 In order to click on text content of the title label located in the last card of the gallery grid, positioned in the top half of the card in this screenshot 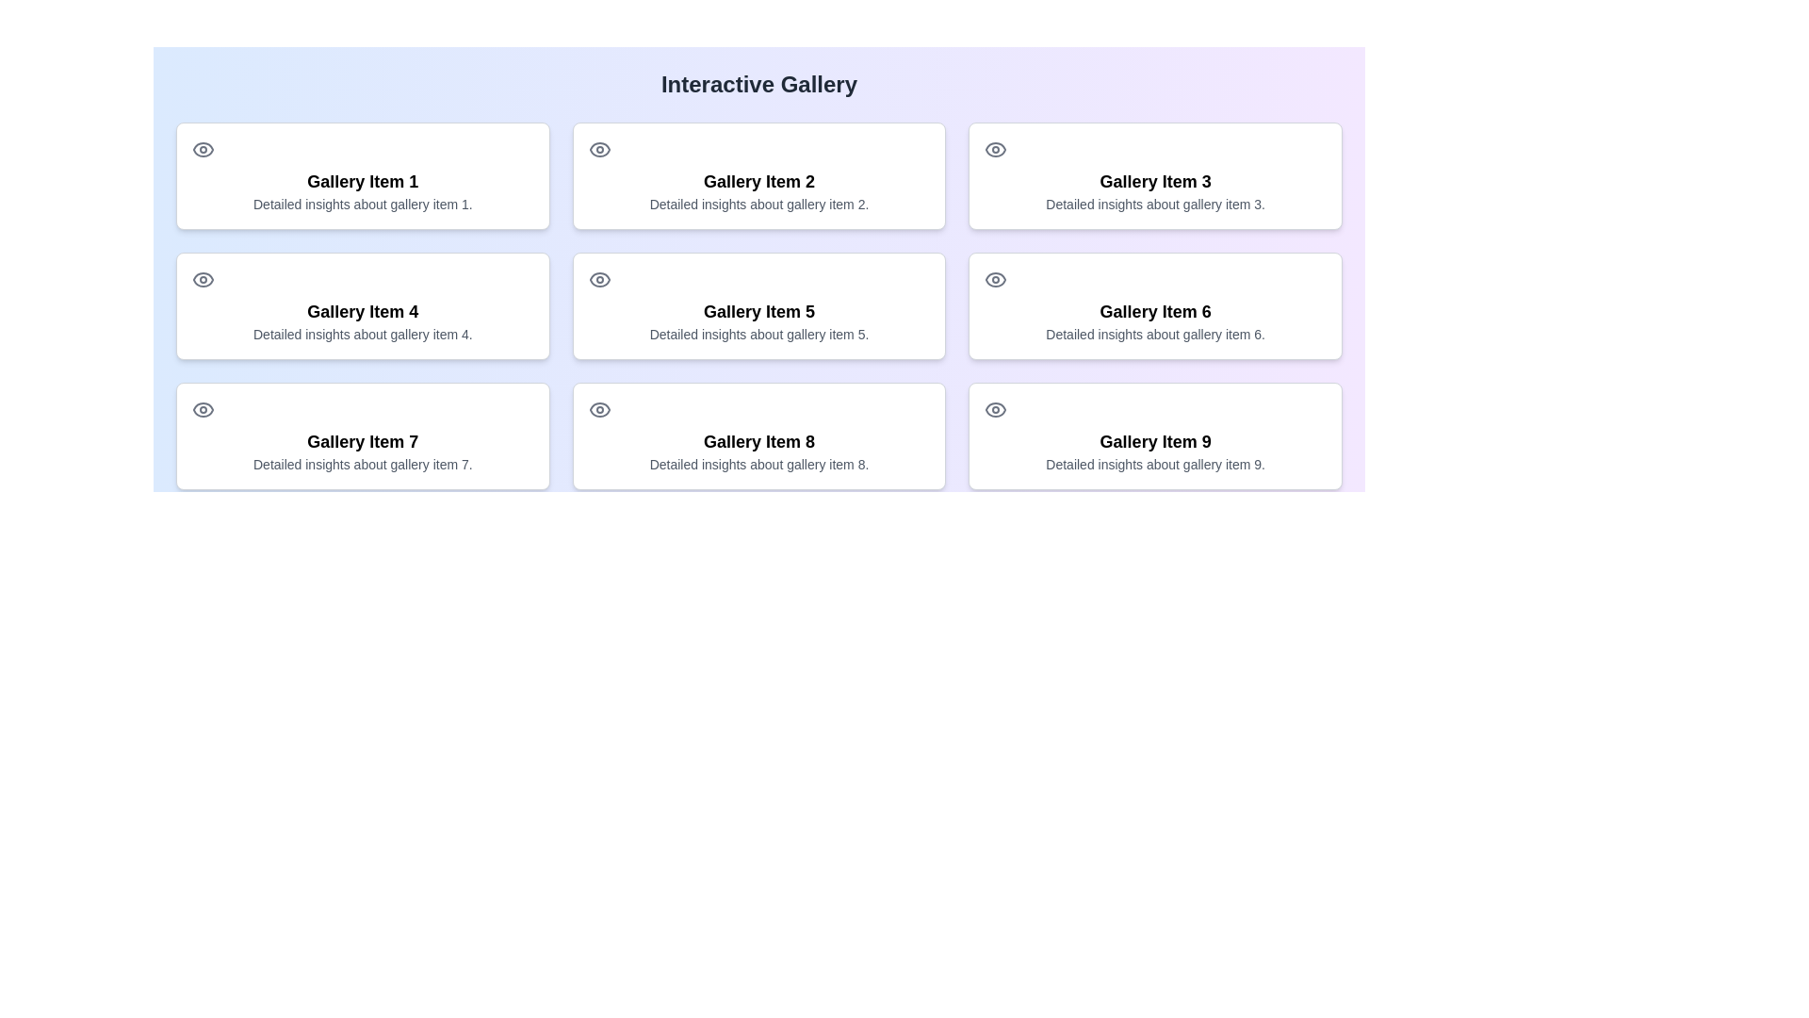, I will do `click(1154, 442)`.